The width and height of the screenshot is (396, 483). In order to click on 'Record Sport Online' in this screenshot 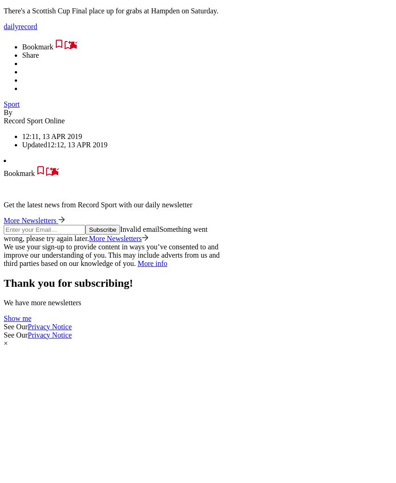, I will do `click(33, 120)`.